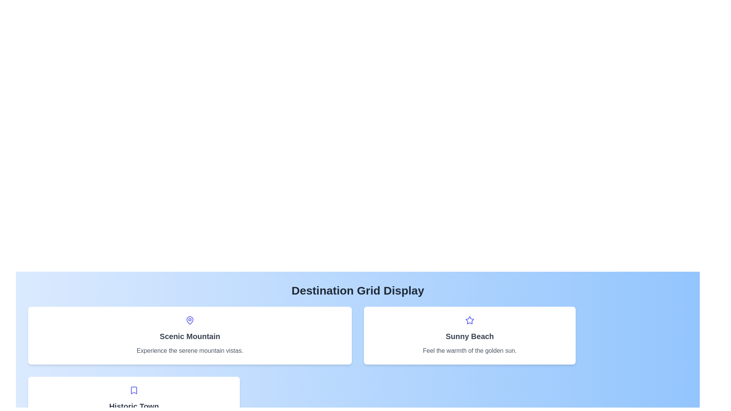 The width and height of the screenshot is (731, 411). What do you see at coordinates (469, 320) in the screenshot?
I see `the decorative icon within the 'Sunny Beach' section that symbolizes attraction, located at the center top of the section` at bounding box center [469, 320].